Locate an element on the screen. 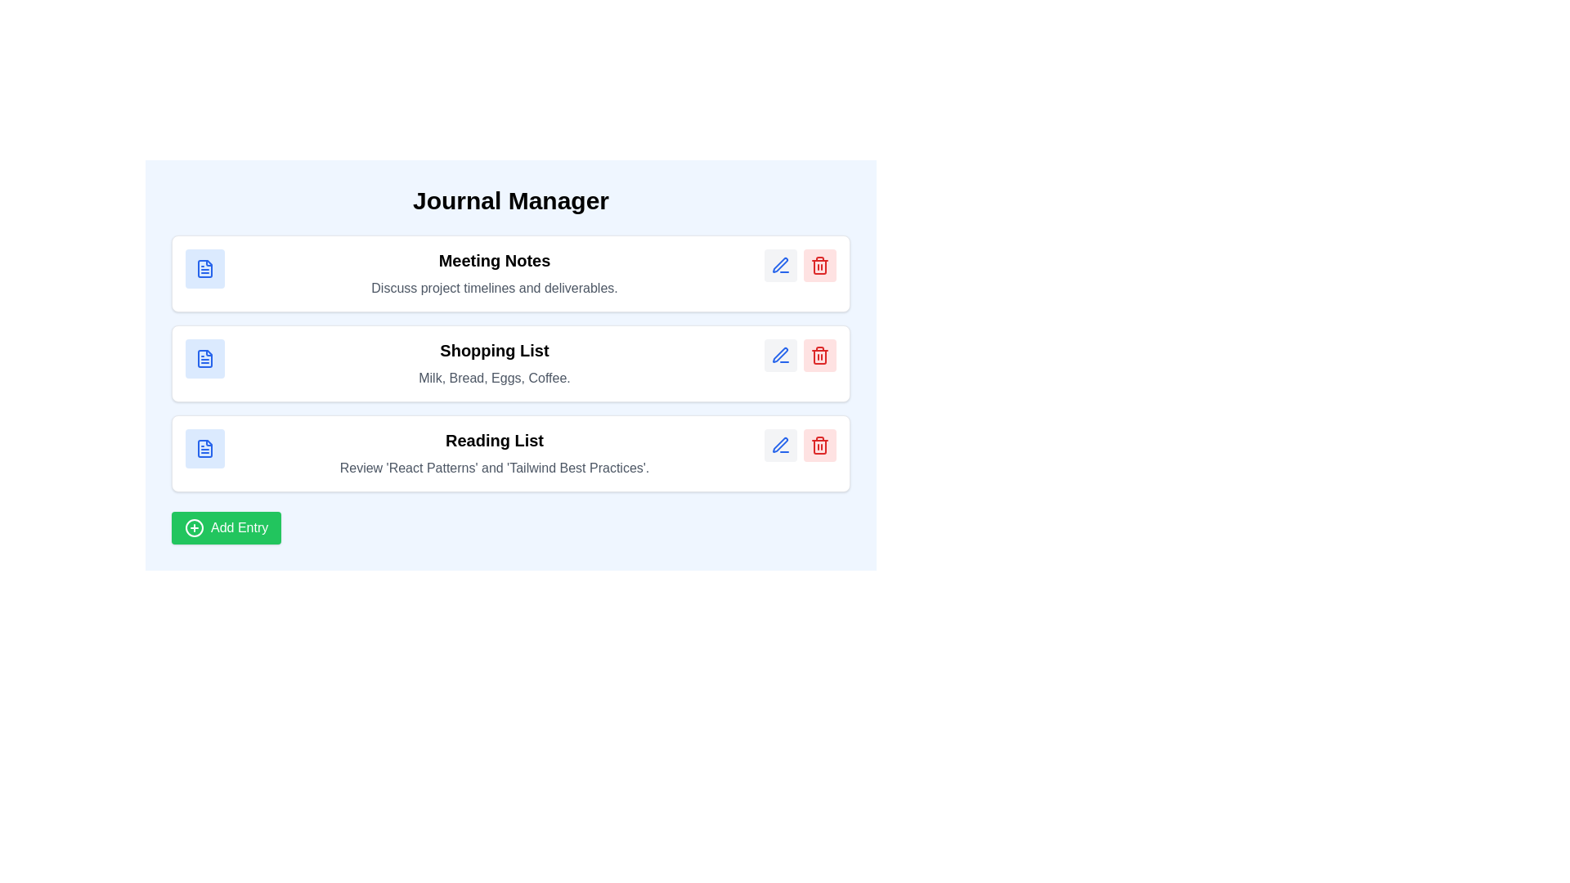  the red trash bin icon in the control panel for managing the 'Reading List' entry is located at coordinates (801, 445).